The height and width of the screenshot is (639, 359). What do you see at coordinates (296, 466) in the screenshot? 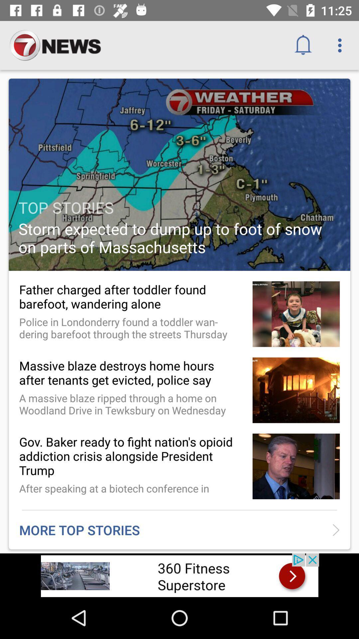
I see `the last image which is above the more top stories` at bounding box center [296, 466].